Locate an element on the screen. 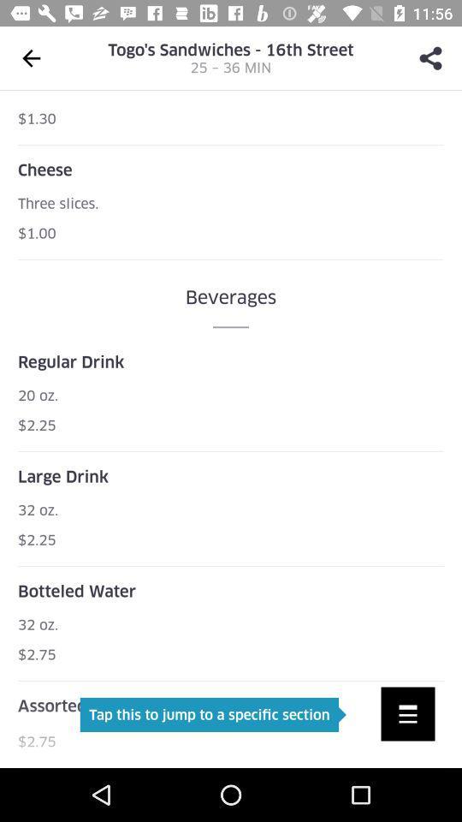  the arrow_backward icon is located at coordinates (31, 58).